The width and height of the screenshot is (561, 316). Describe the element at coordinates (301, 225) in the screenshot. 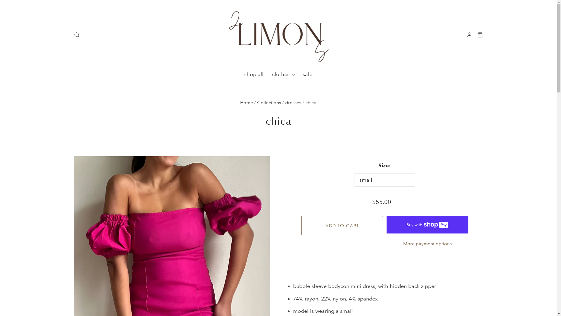

I see `'Add to cart'` at that location.